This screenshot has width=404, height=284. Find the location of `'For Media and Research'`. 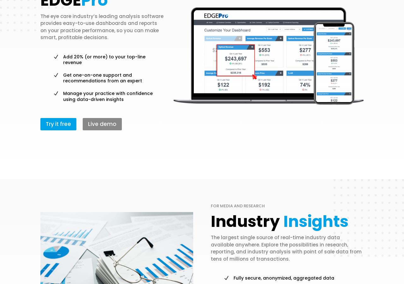

'For Media and Research' is located at coordinates (237, 206).